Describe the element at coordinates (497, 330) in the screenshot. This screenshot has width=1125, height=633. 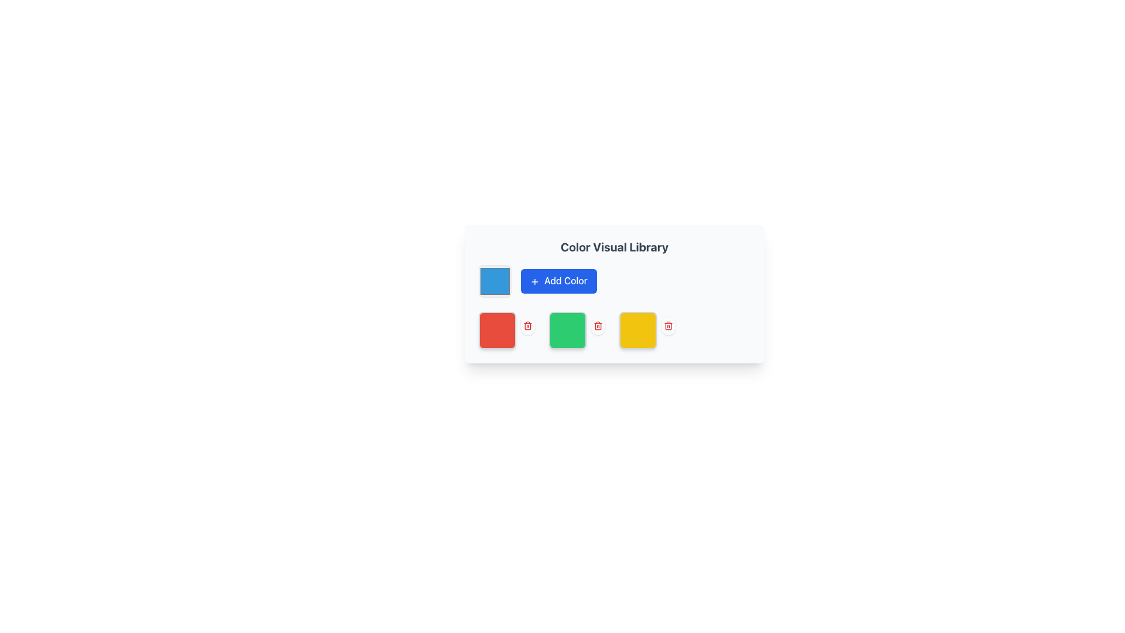
I see `the vibrant red Color Swatch with rounded corners and a gray border` at that location.